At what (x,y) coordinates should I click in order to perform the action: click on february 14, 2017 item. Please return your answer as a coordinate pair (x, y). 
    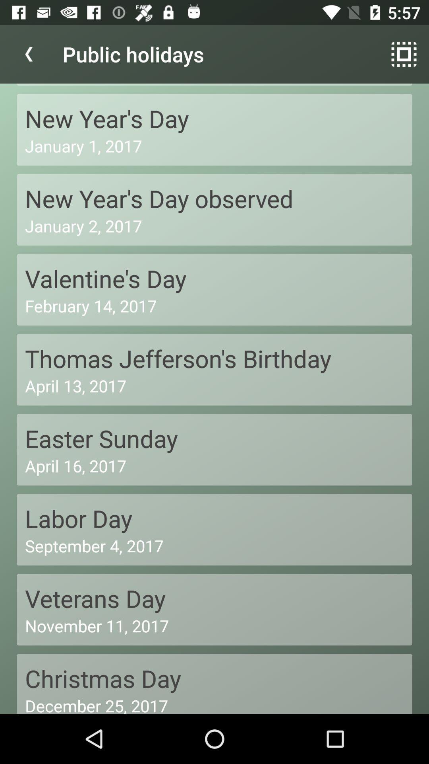
    Looking at the image, I should click on (214, 305).